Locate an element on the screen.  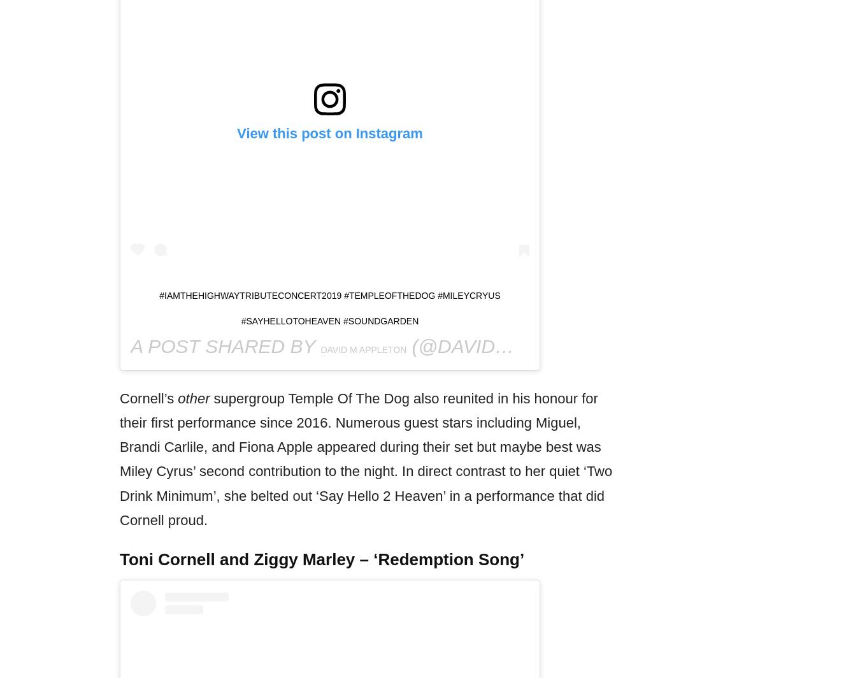
'A post shared by' is located at coordinates (225, 345).